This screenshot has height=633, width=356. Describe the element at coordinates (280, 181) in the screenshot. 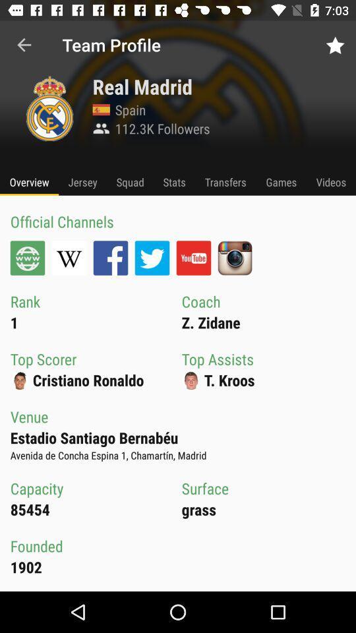

I see `icon next to the transfers item` at that location.